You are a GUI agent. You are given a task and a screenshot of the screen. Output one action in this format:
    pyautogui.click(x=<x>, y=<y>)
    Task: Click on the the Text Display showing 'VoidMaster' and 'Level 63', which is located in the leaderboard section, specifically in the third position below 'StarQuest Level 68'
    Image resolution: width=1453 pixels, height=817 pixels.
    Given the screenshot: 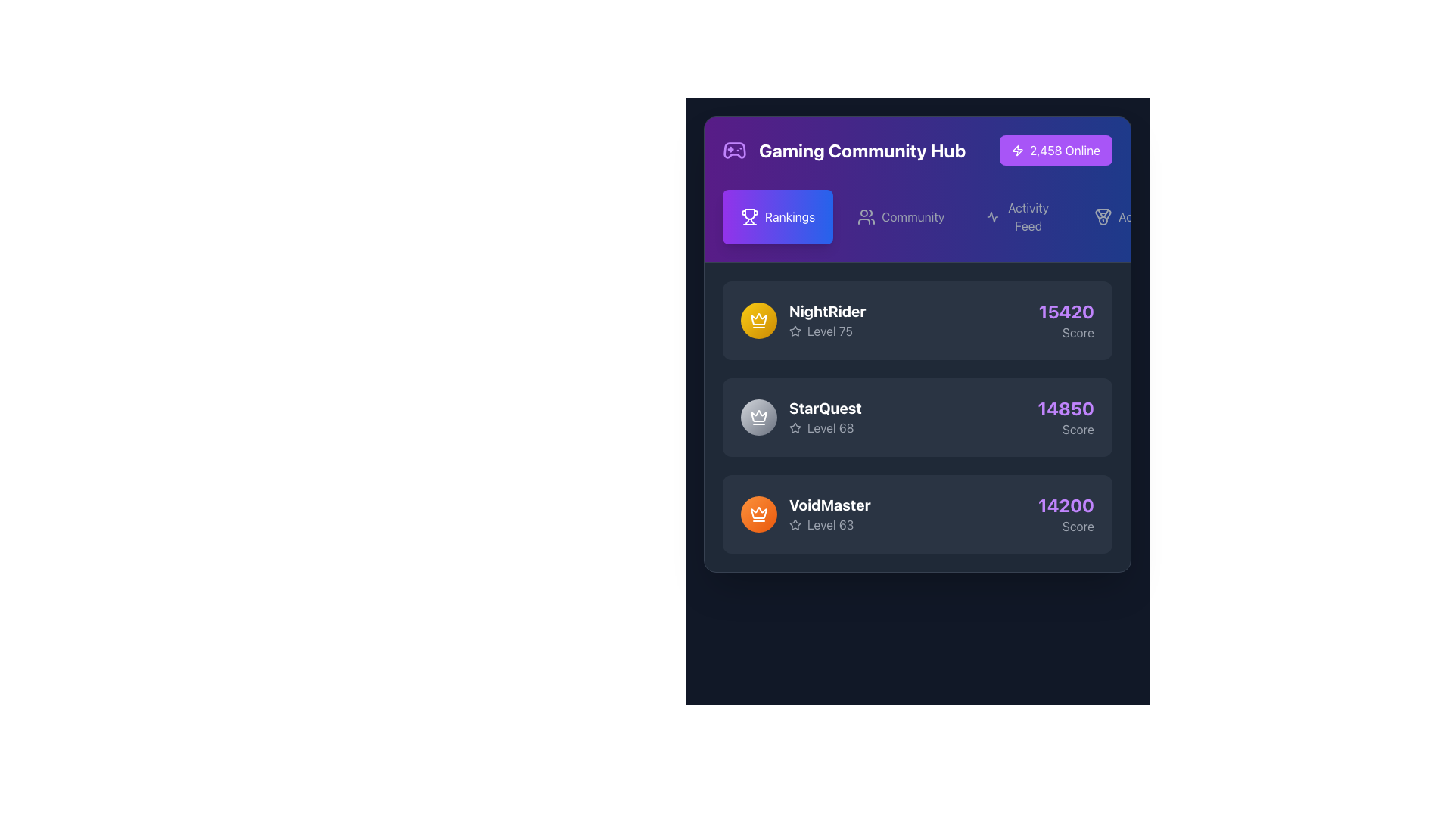 What is the action you would take?
    pyautogui.click(x=829, y=513)
    